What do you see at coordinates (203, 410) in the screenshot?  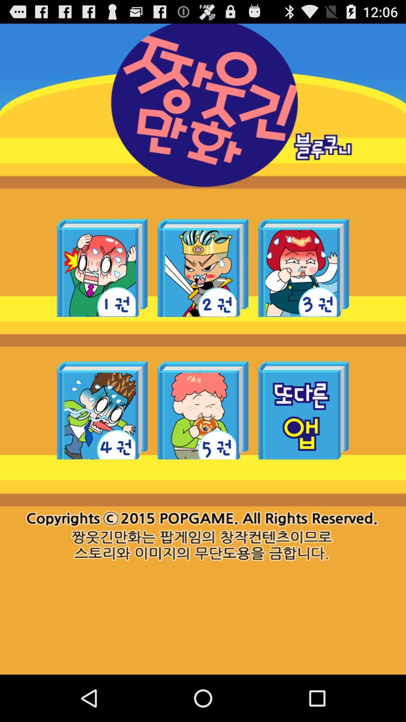 I see `into the 5th book` at bounding box center [203, 410].